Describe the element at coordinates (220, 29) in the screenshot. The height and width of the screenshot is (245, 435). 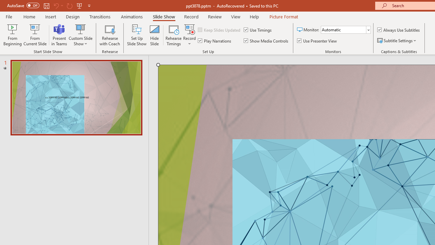
I see `'Keep Slides Updated'` at that location.